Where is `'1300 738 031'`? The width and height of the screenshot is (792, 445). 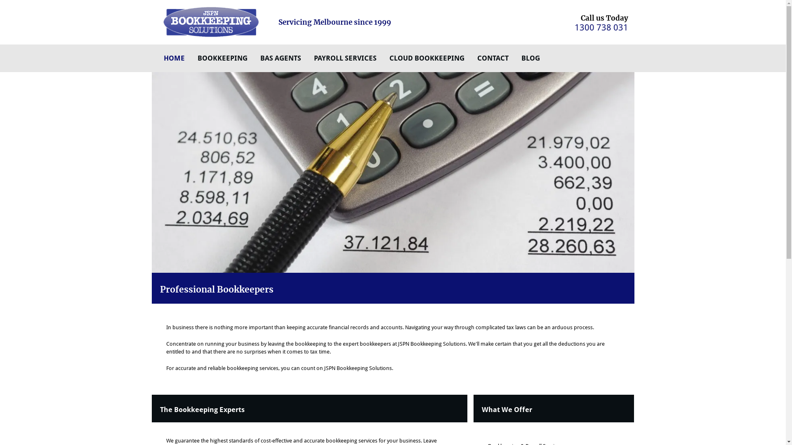
'1300 738 031' is located at coordinates (601, 27).